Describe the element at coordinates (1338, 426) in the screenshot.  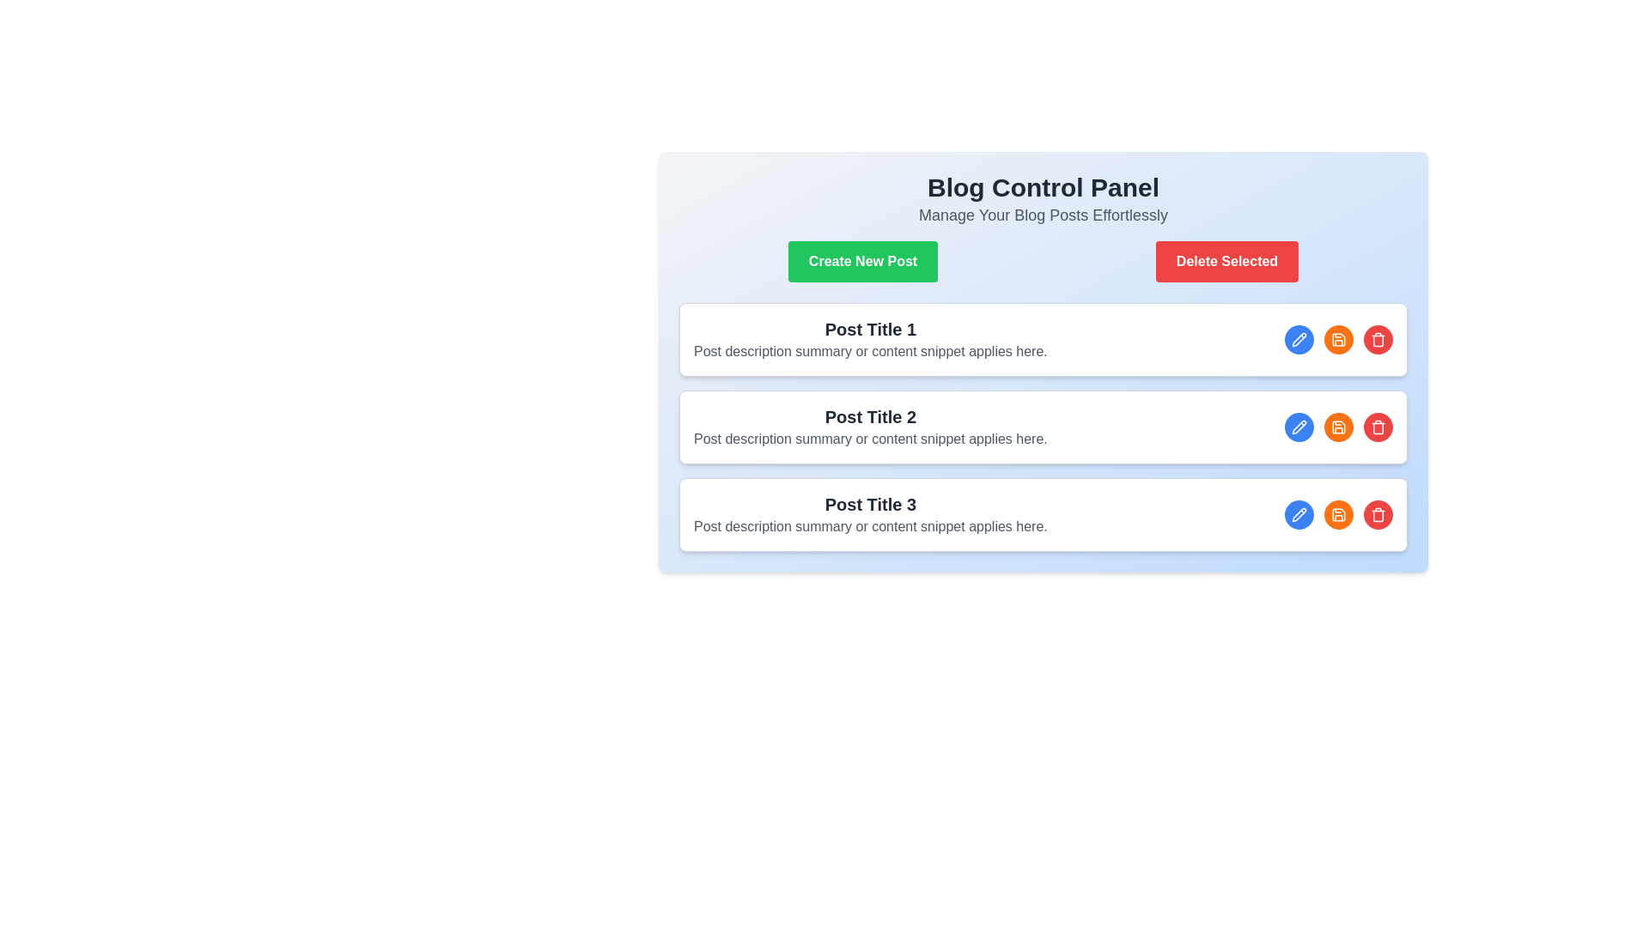
I see `the save action button` at that location.